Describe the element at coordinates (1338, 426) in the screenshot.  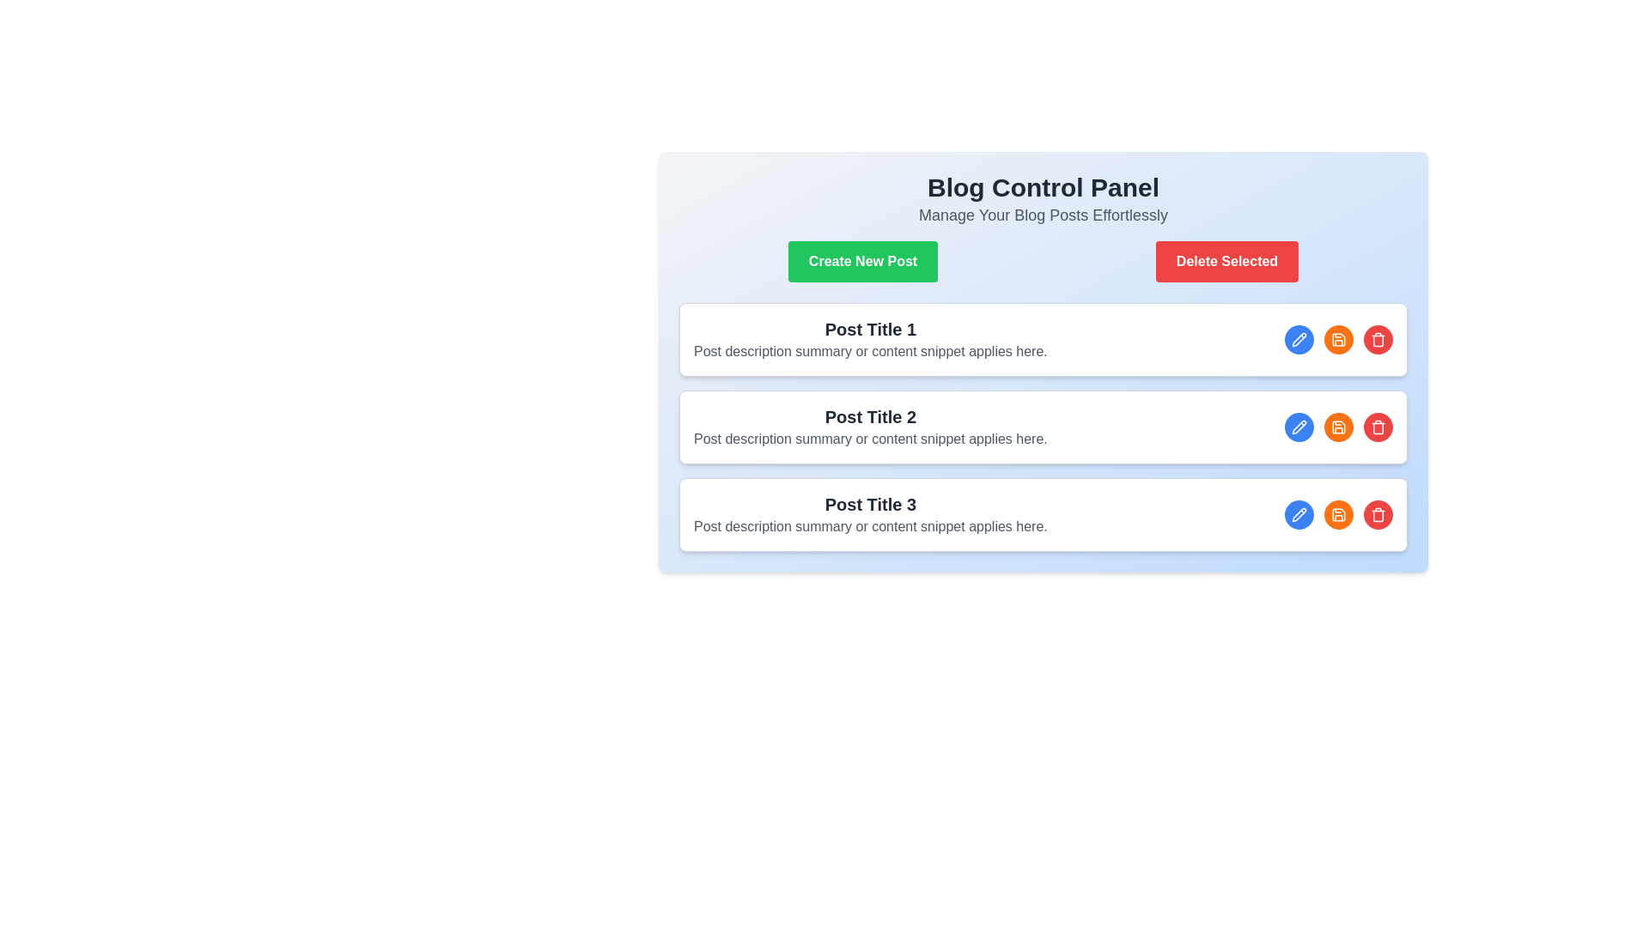
I see `the save action button` at that location.